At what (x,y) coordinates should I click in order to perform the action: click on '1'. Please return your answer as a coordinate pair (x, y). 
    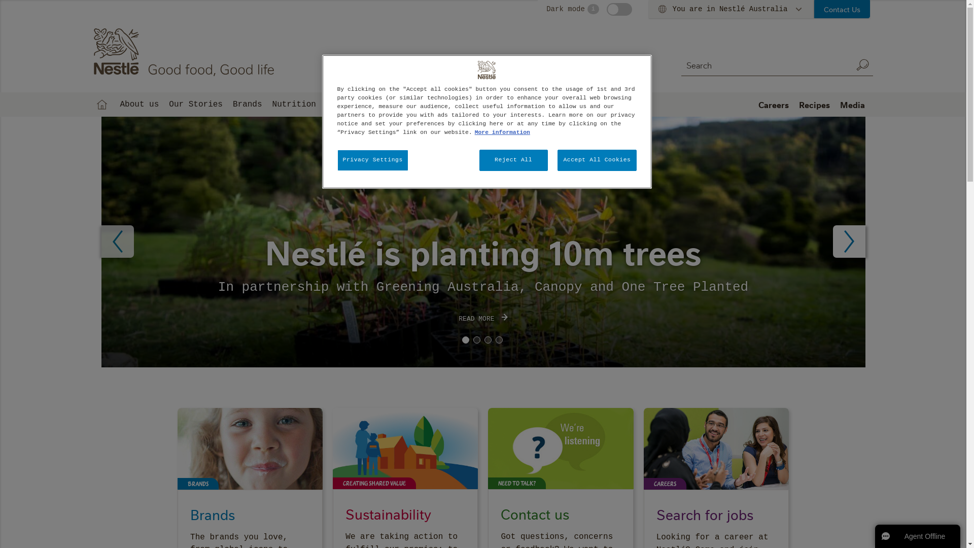
    Looking at the image, I should click on (464, 340).